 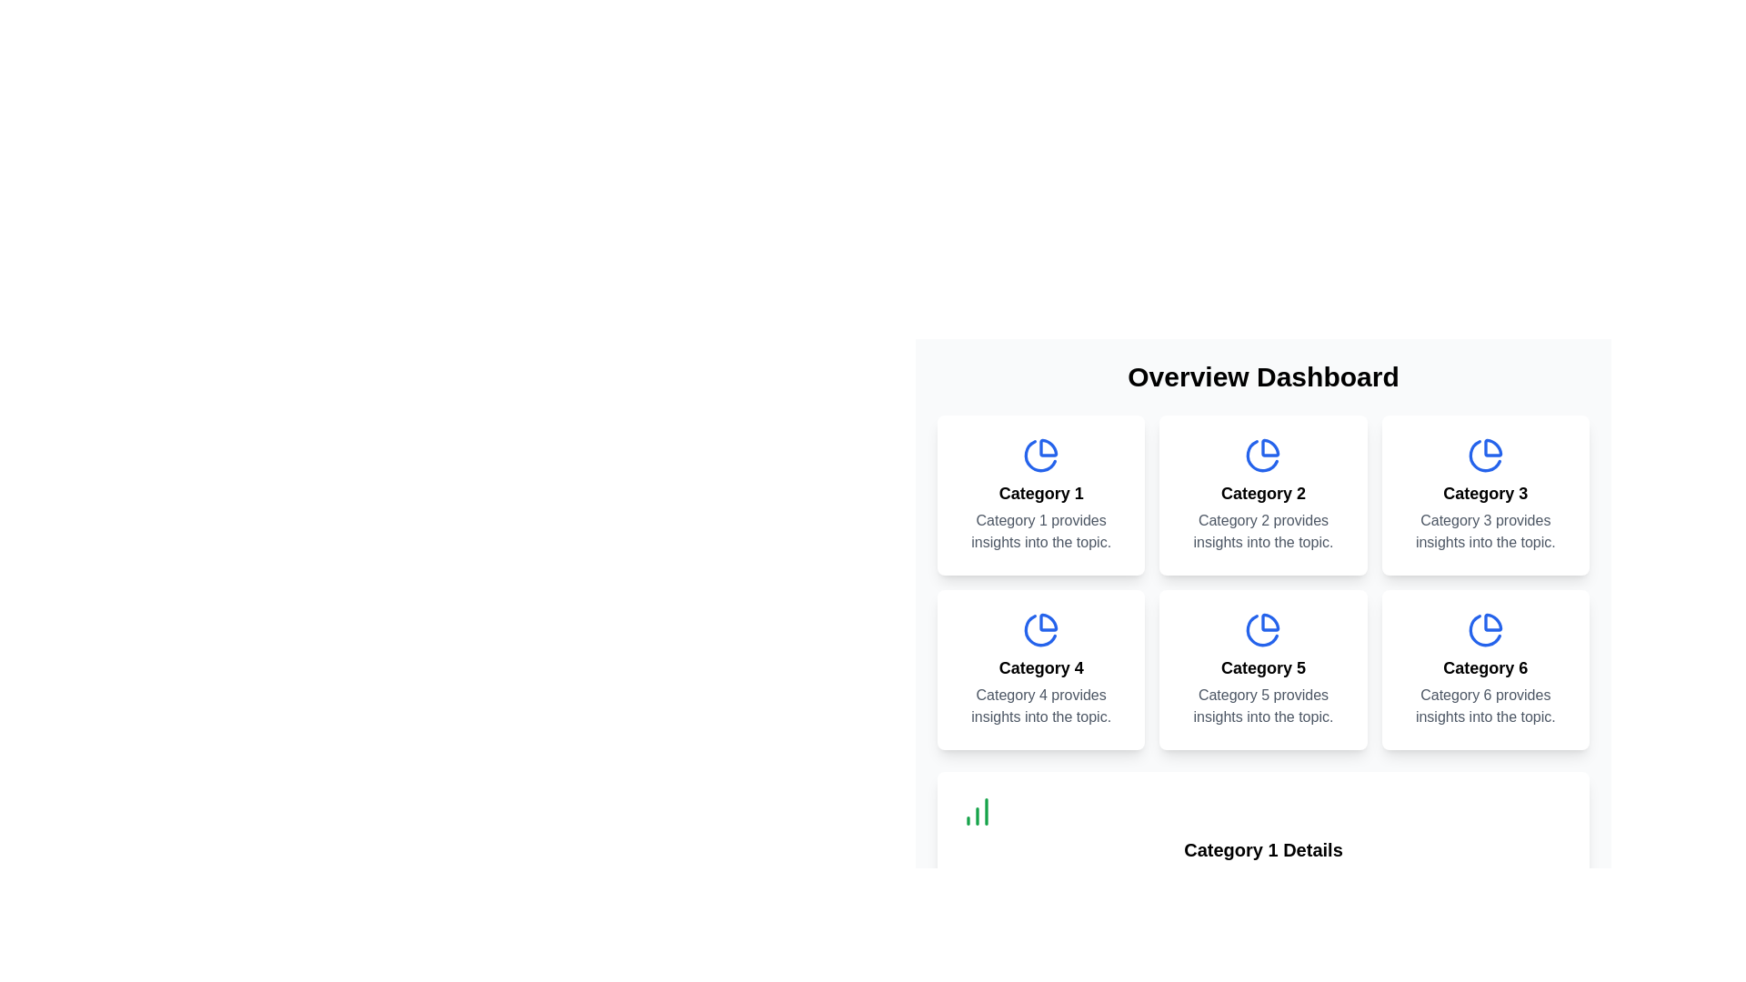 What do you see at coordinates (1040, 455) in the screenshot?
I see `the purpose and styling of the vector graphic component representing a part of the pie chart segment located within the 'Category 1' card` at bounding box center [1040, 455].